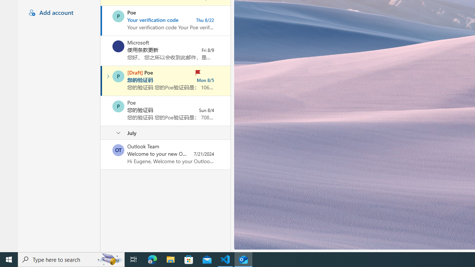 The width and height of the screenshot is (475, 267). Describe the element at coordinates (101, 154) in the screenshot. I see `'Mark as unread'` at that location.